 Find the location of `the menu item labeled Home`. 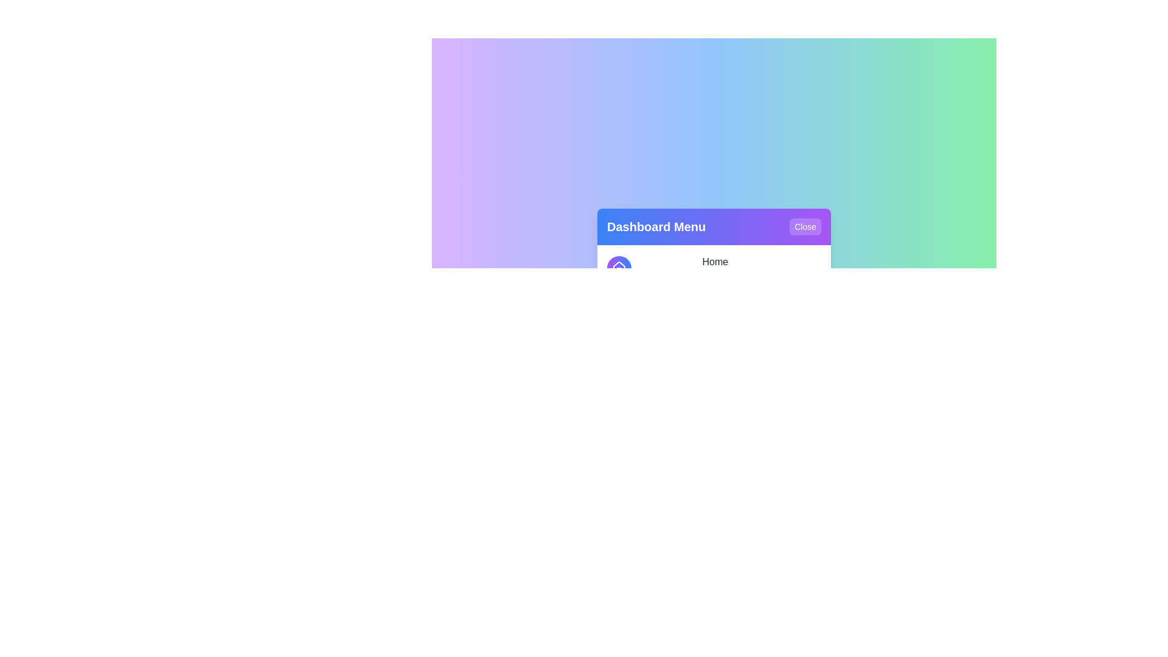

the menu item labeled Home is located at coordinates (714, 267).